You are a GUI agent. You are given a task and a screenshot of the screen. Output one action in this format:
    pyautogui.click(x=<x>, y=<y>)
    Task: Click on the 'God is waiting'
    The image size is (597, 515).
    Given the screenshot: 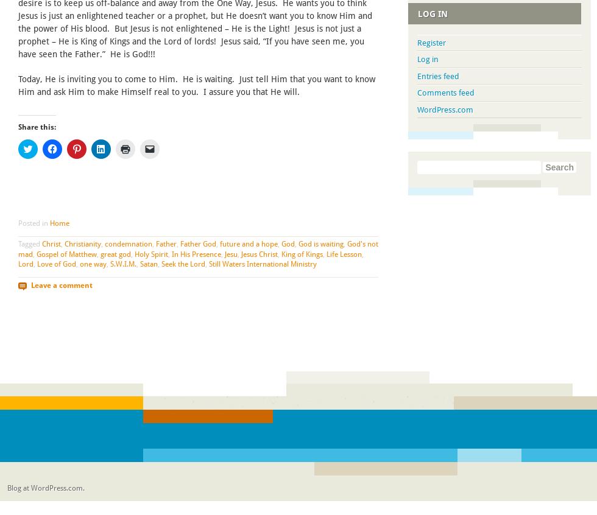 What is the action you would take?
    pyautogui.click(x=321, y=243)
    